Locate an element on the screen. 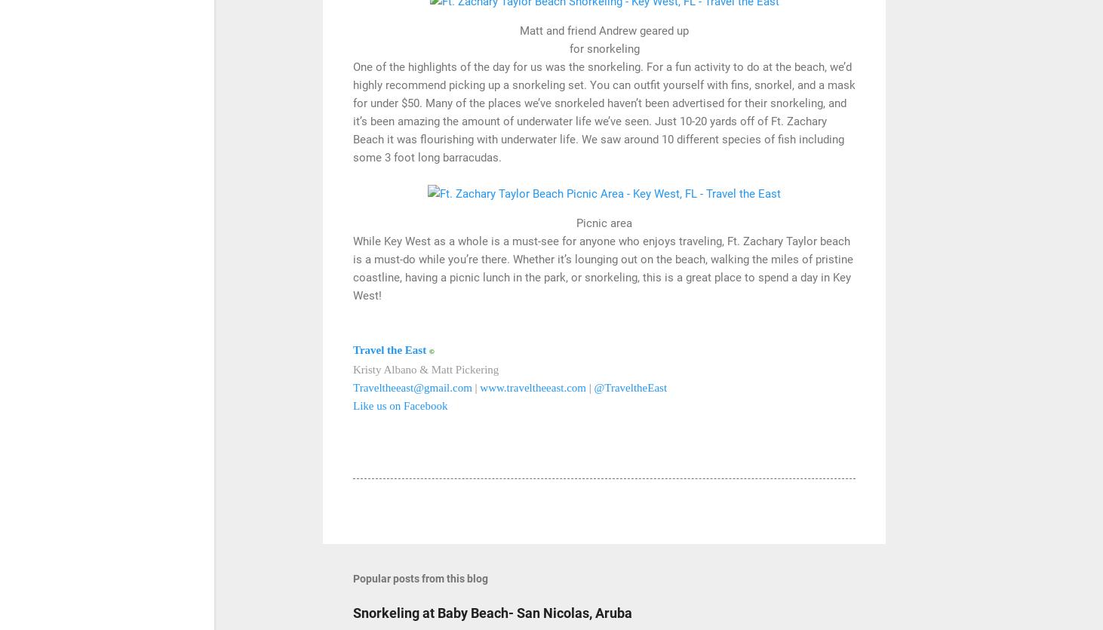  'Snorkeling at Baby Beach- San Nicolas, Aruba' is located at coordinates (492, 612).